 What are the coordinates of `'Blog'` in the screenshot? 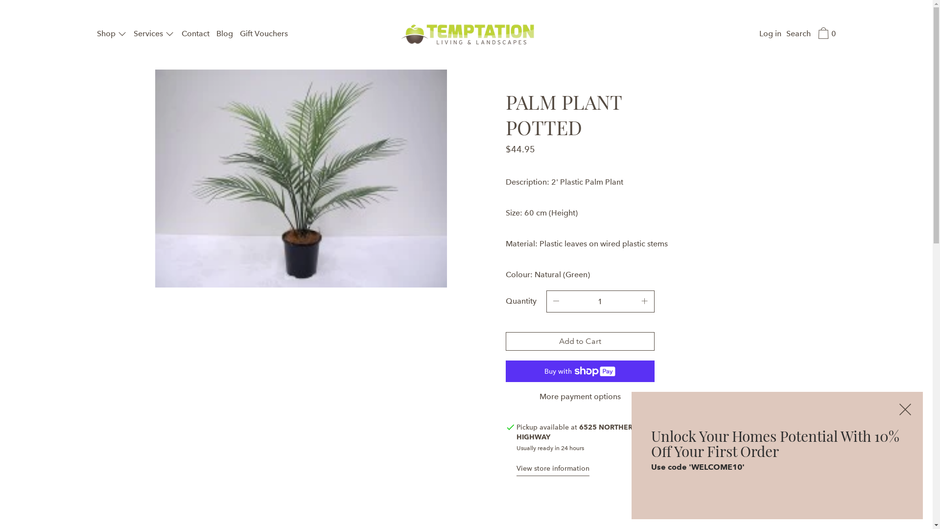 It's located at (224, 34).